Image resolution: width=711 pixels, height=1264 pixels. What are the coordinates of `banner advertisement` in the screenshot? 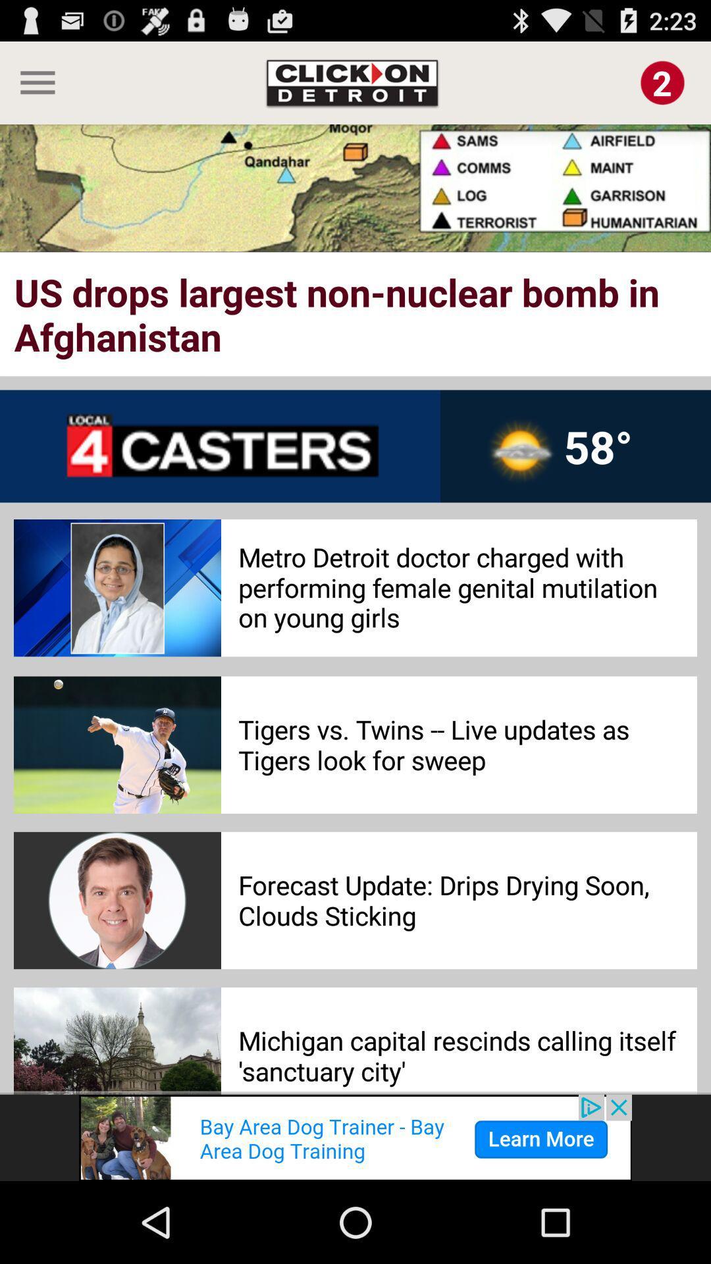 It's located at (355, 1137).